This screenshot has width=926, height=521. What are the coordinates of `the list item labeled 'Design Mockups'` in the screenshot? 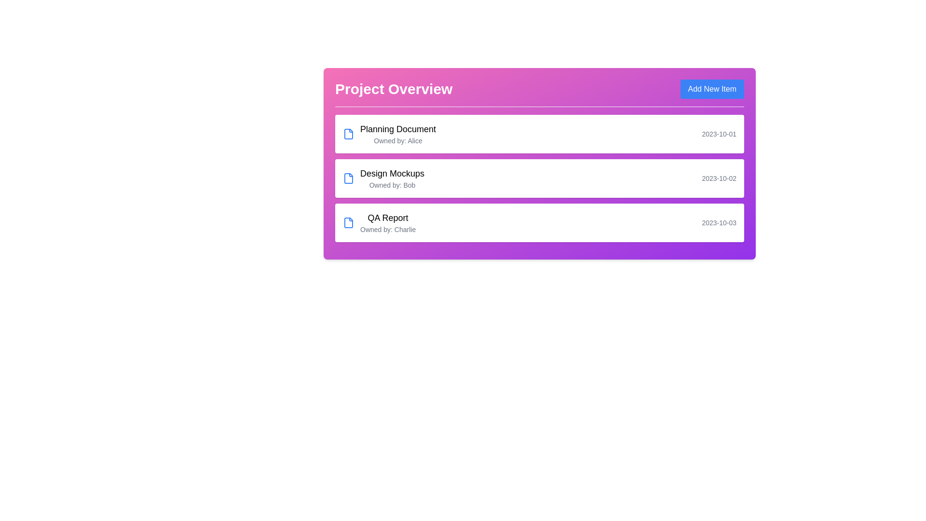 It's located at (539, 163).